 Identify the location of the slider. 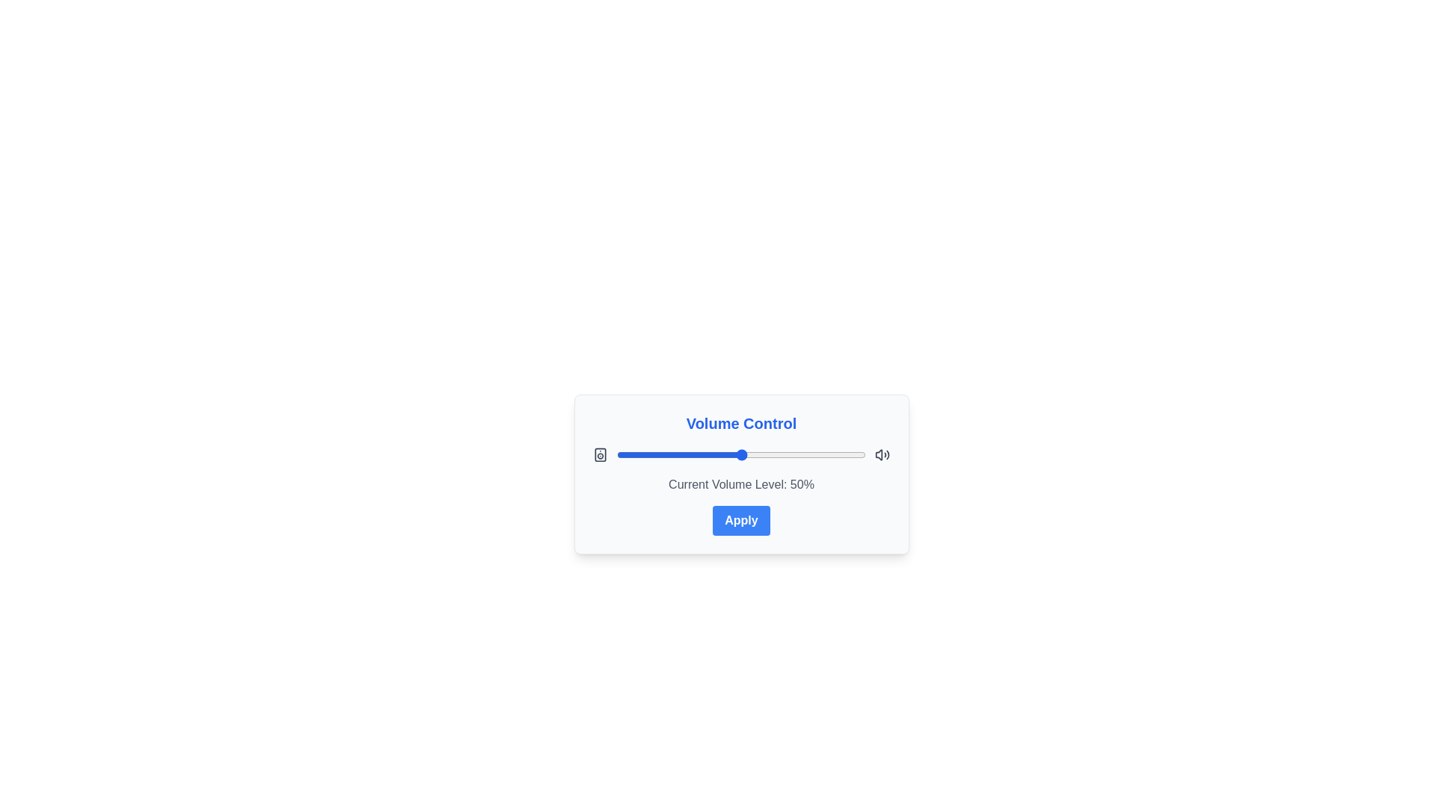
(651, 454).